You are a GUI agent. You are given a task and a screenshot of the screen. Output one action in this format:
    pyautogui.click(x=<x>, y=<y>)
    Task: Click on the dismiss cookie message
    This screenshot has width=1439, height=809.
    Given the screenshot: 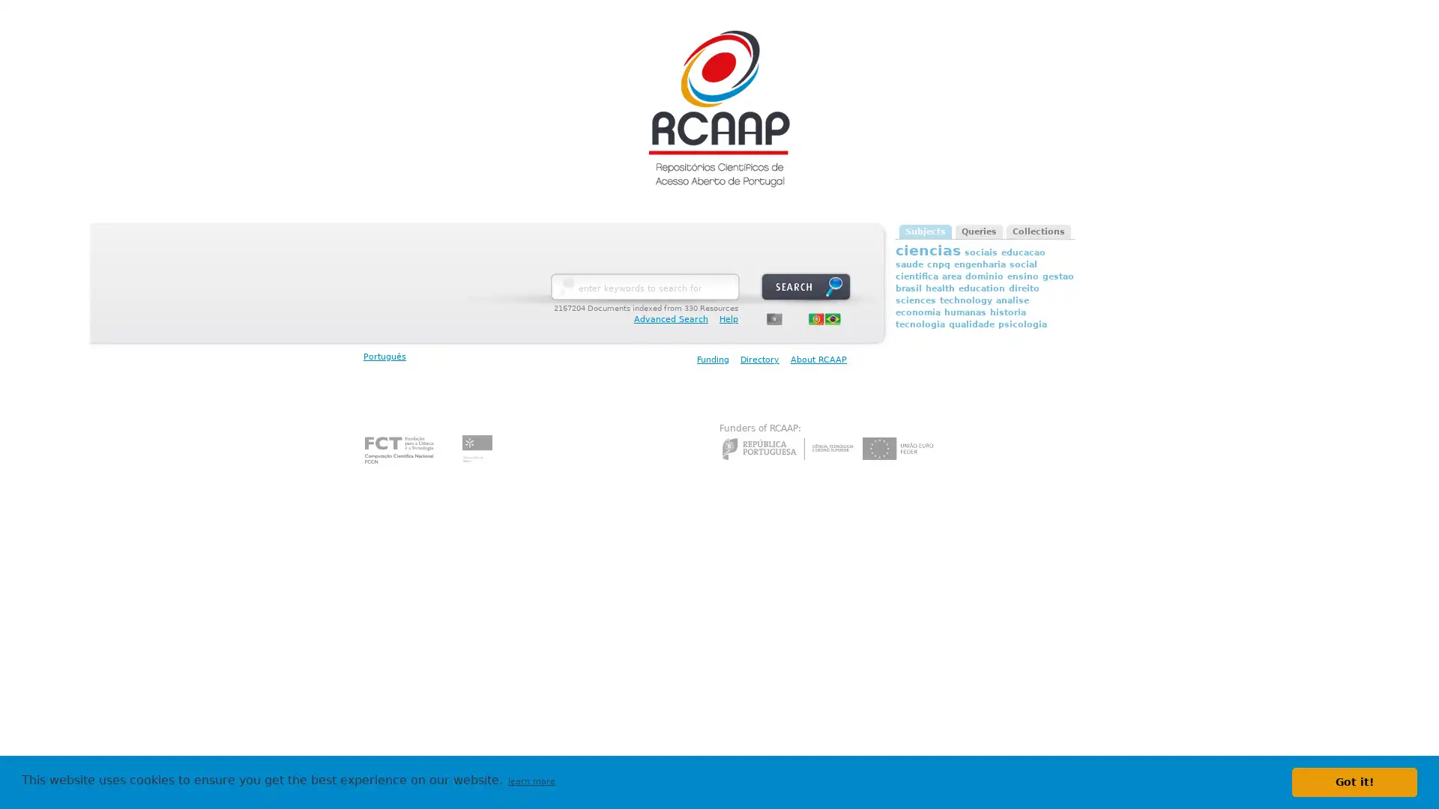 What is the action you would take?
    pyautogui.click(x=1354, y=781)
    